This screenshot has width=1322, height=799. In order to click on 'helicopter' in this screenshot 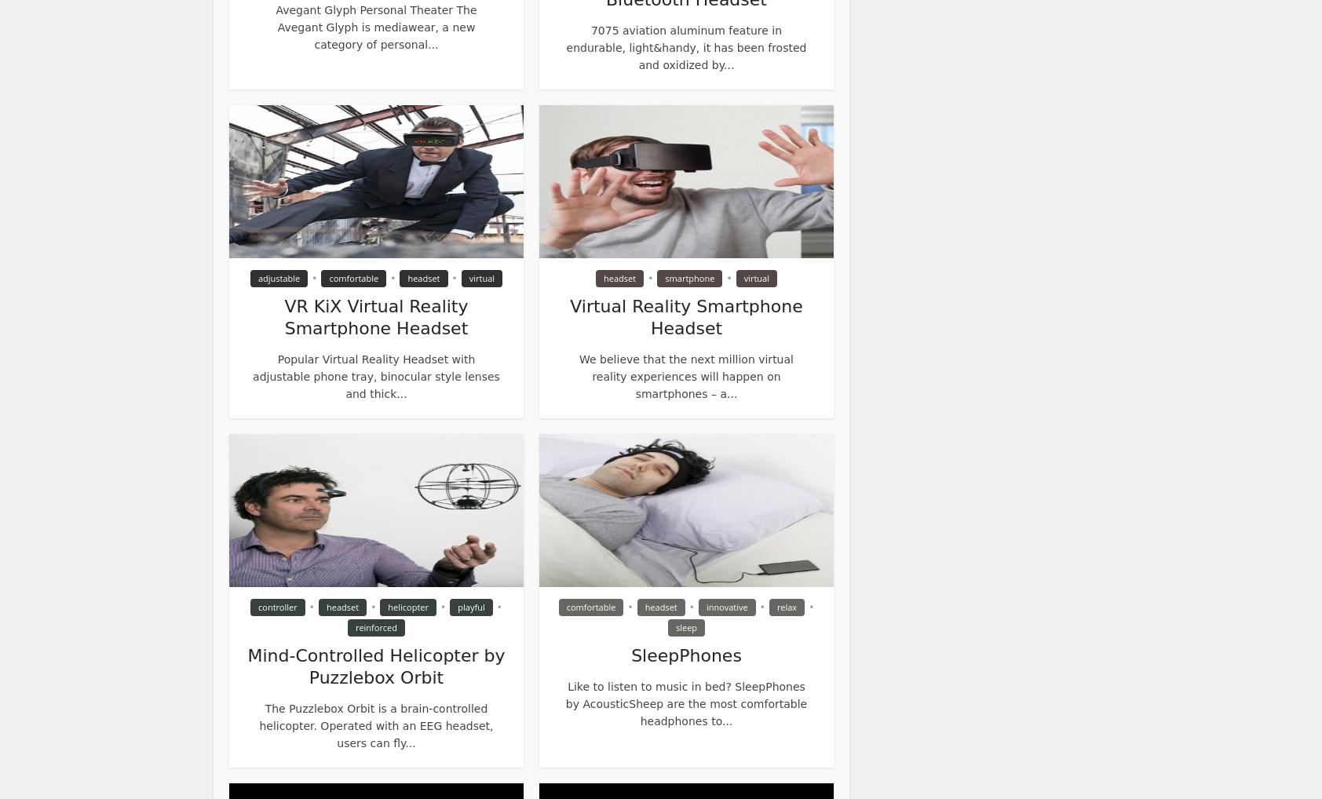, I will do `click(407, 607)`.